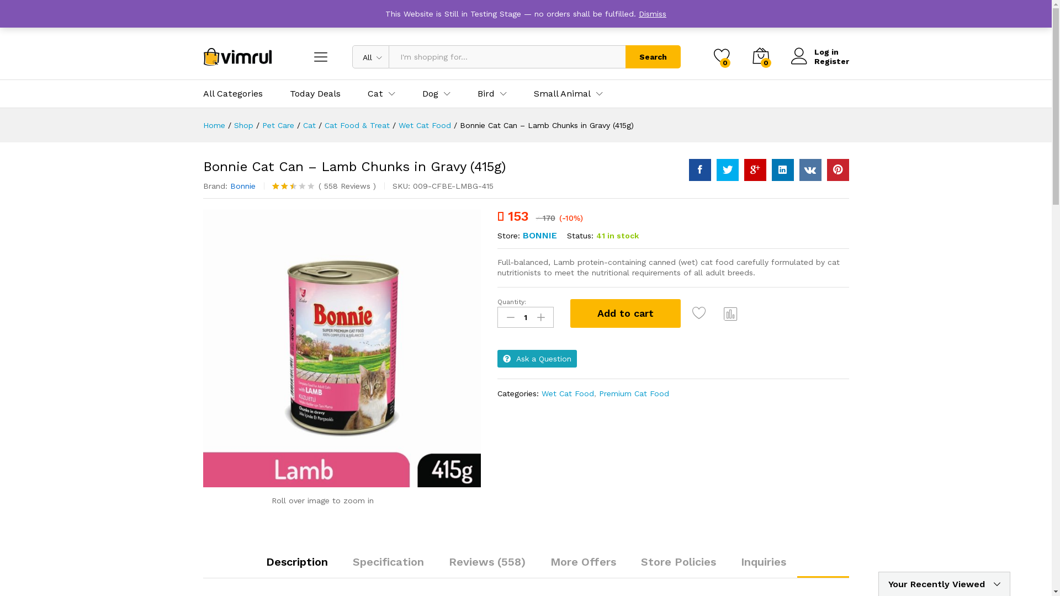  What do you see at coordinates (634, 393) in the screenshot?
I see `'Premium Cat Food'` at bounding box center [634, 393].